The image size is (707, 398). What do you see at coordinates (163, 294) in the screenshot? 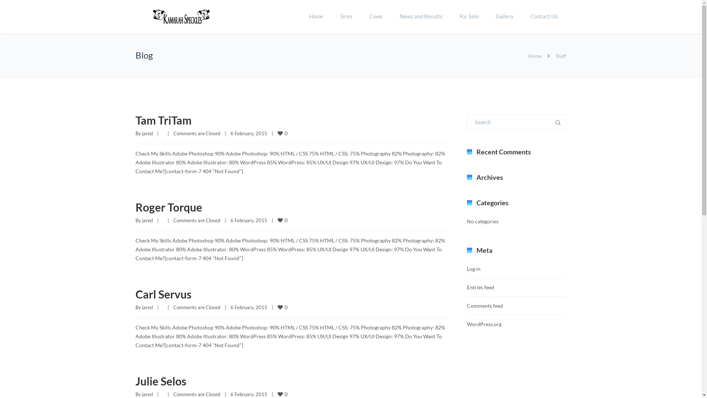
I see `'Carl Servus'` at bounding box center [163, 294].